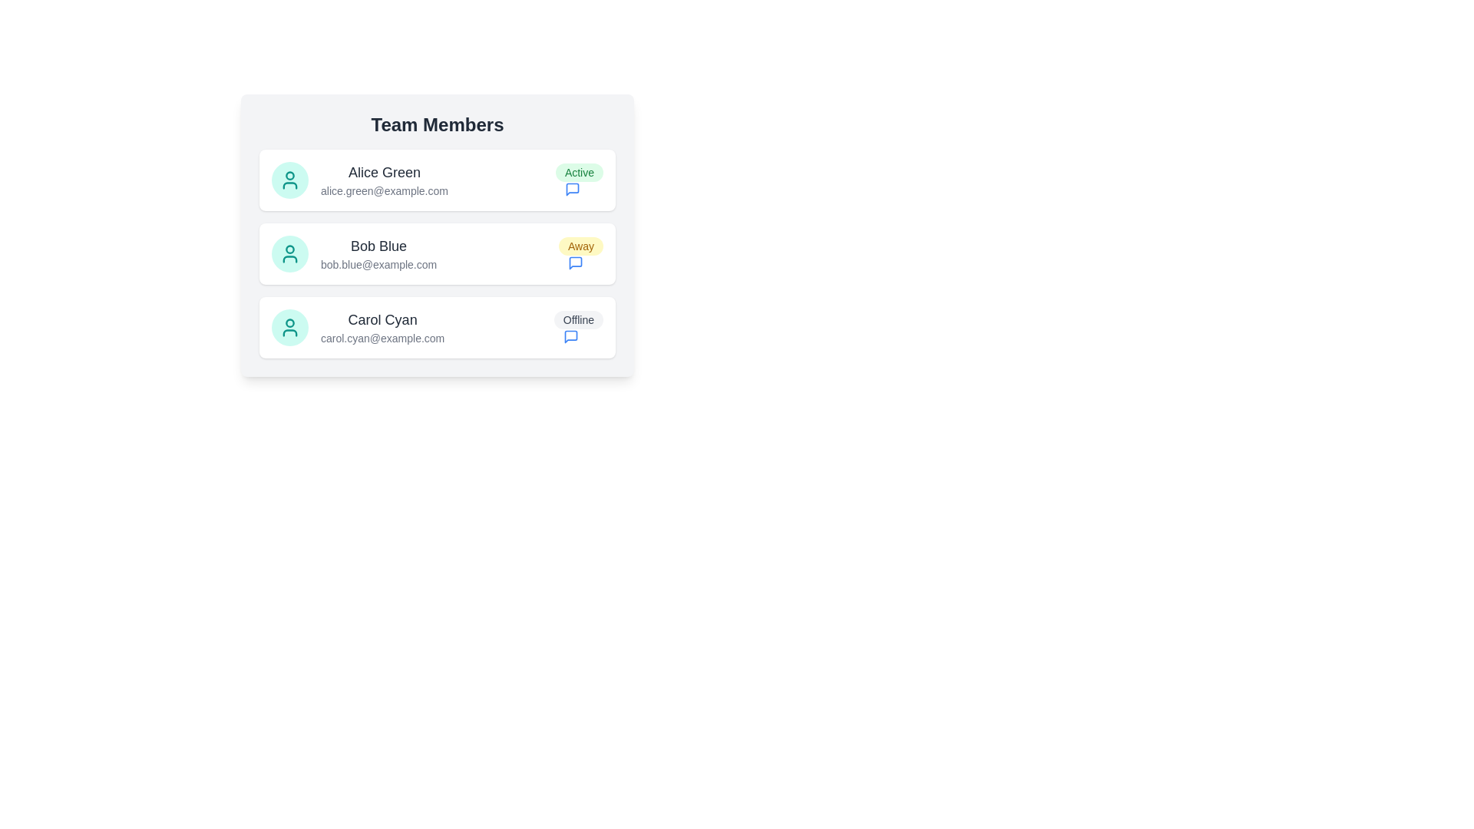 The height and width of the screenshot is (829, 1474). What do you see at coordinates (378, 263) in the screenshot?
I see `the static text displaying the email address 'bob.blue@example.com', which is located directly below the name 'Bob Blue' in the second row of the 'Team Members' list` at bounding box center [378, 263].